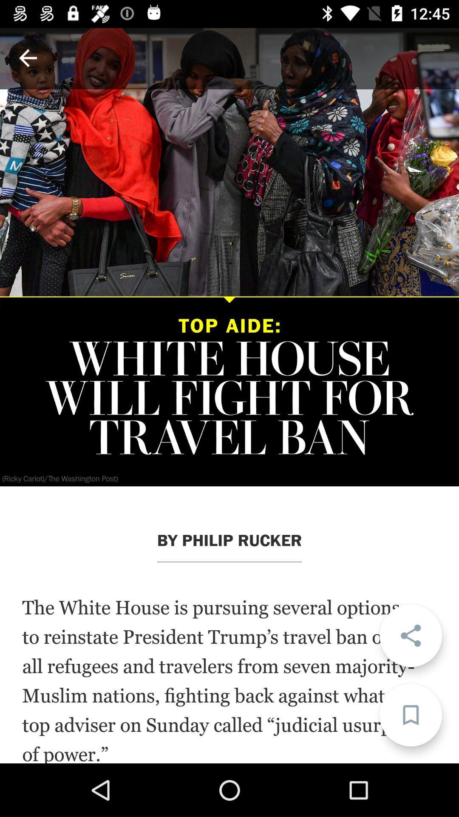 The image size is (459, 817). Describe the element at coordinates (27, 57) in the screenshot. I see `previous` at that location.